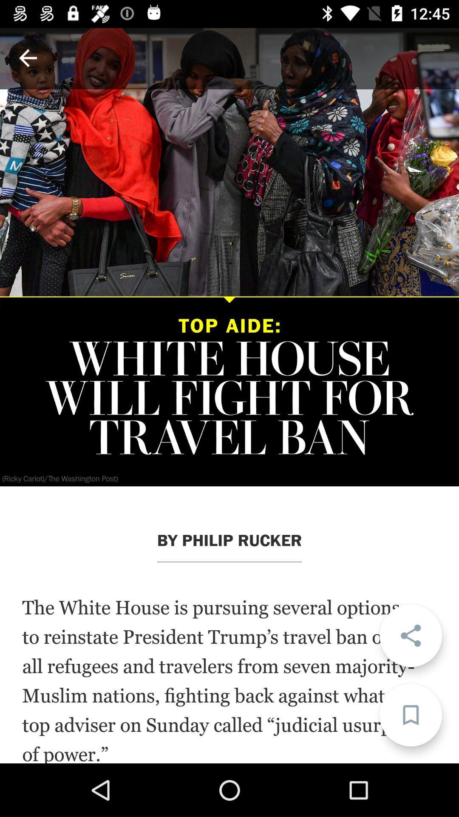 The image size is (459, 817). Describe the element at coordinates (27, 57) in the screenshot. I see `previous` at that location.